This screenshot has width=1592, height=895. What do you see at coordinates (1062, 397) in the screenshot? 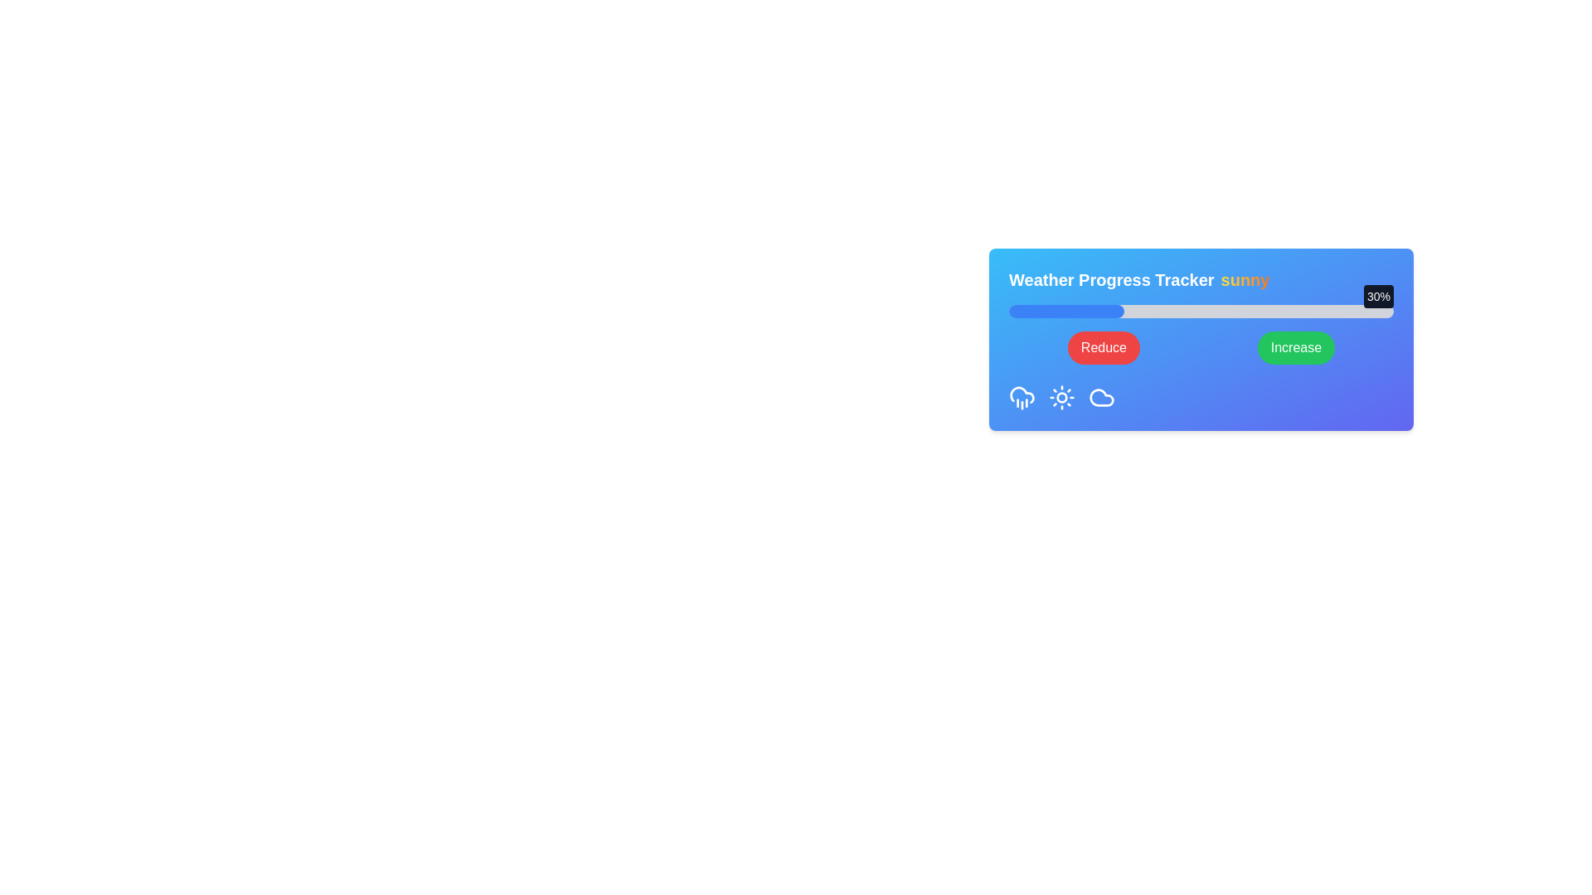
I see `the sunny weather icon, which is the second icon from the left in a horizontal arrangement of weather-related icons, to trigger the hover effect` at bounding box center [1062, 397].